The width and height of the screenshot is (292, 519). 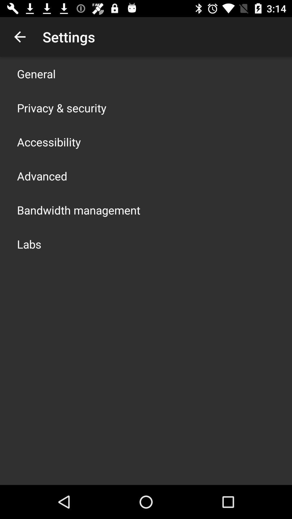 What do you see at coordinates (49, 142) in the screenshot?
I see `the accessibility` at bounding box center [49, 142].